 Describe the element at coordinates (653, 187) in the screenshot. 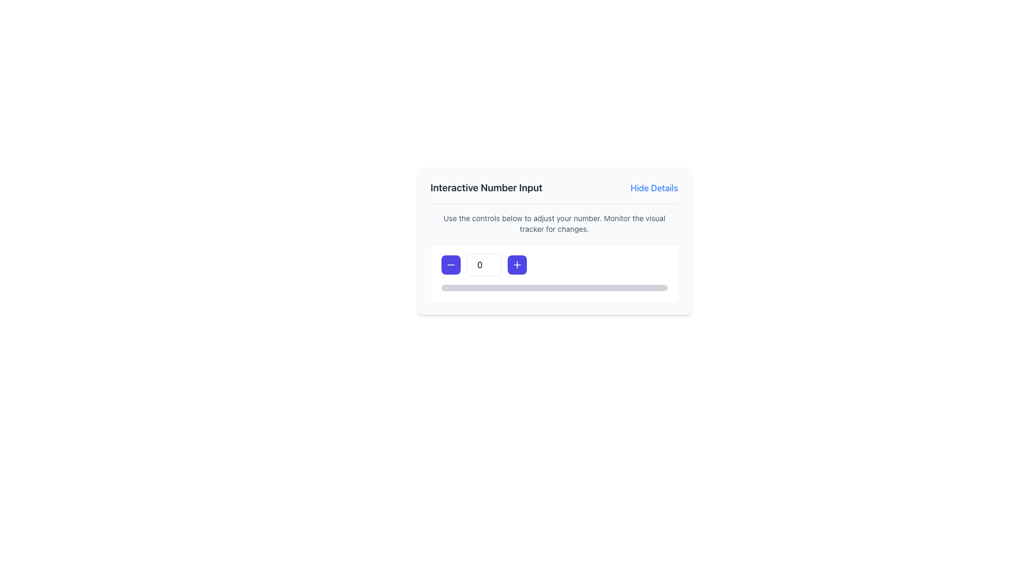

I see `the Text Button located at the upper-right corner of the interactive number input interface` at that location.